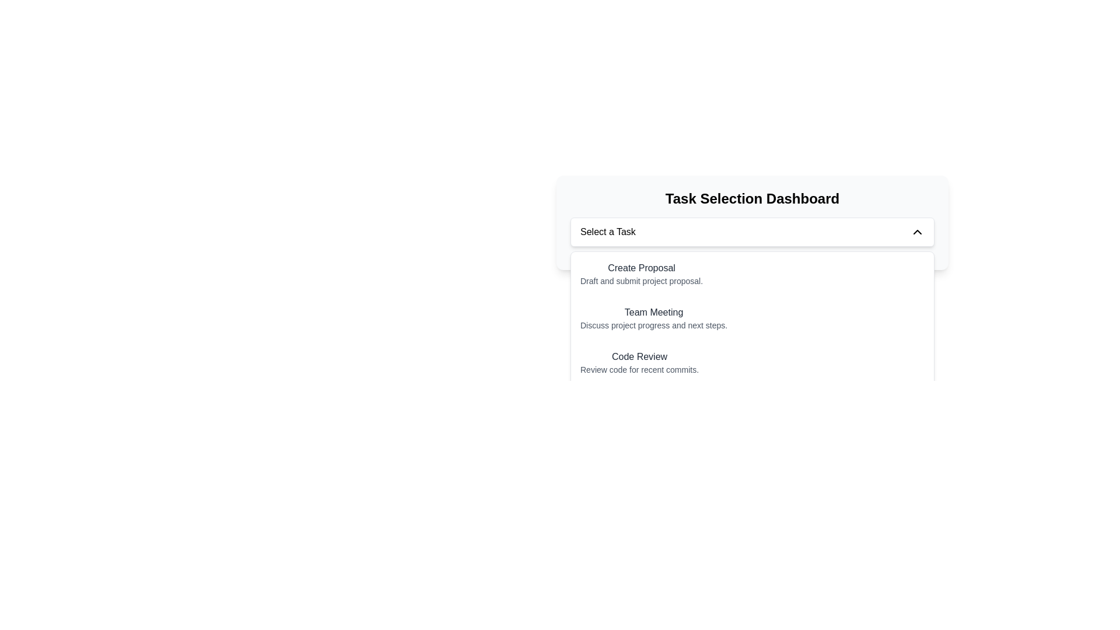  I want to click on the dropdown menu located in the center of the 'Task Selection Dashboard' interface for keyboard navigation, so click(752, 232).